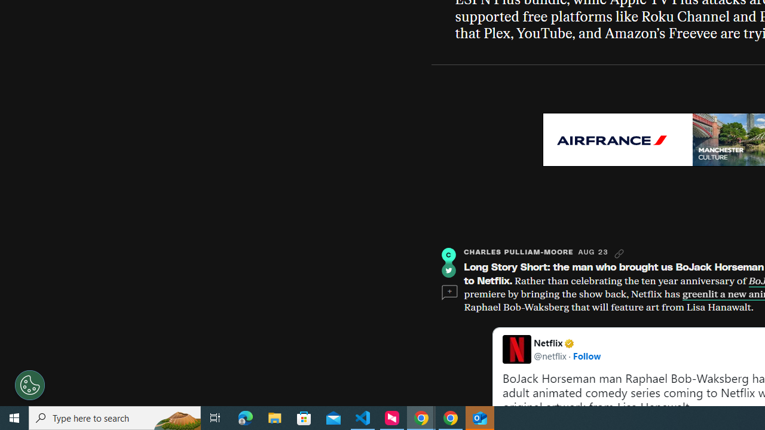 Image resolution: width=765 pixels, height=430 pixels. I want to click on 'Link', so click(619, 253).